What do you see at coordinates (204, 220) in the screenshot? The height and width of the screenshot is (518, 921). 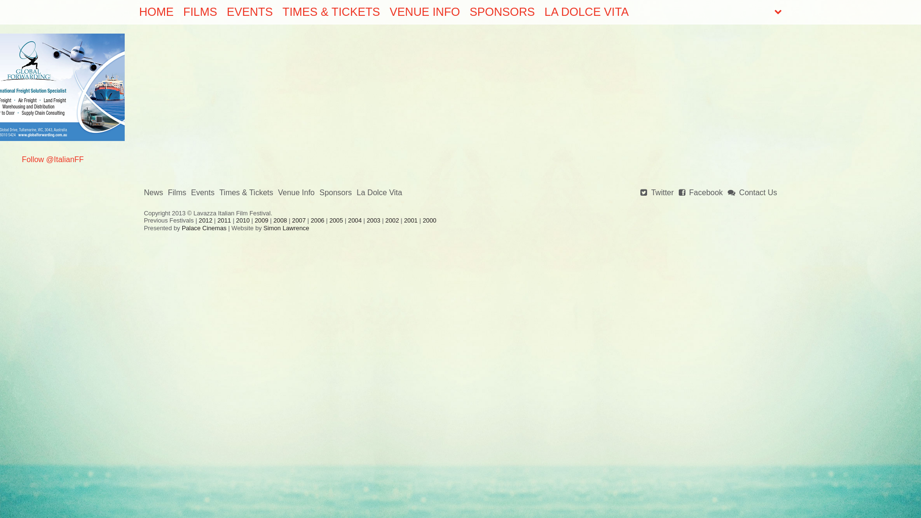 I see `'2012'` at bounding box center [204, 220].